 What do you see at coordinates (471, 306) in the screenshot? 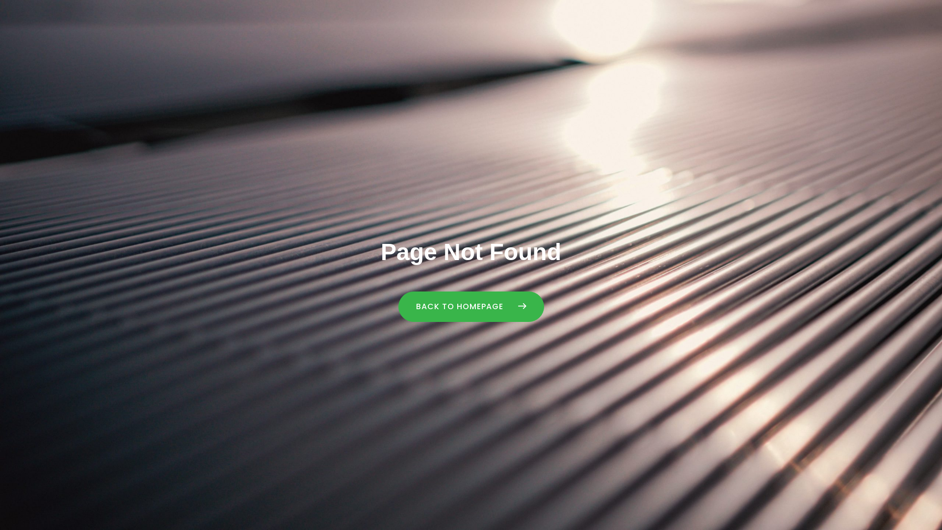
I see `'BACK TO HOMEPAGE'` at bounding box center [471, 306].